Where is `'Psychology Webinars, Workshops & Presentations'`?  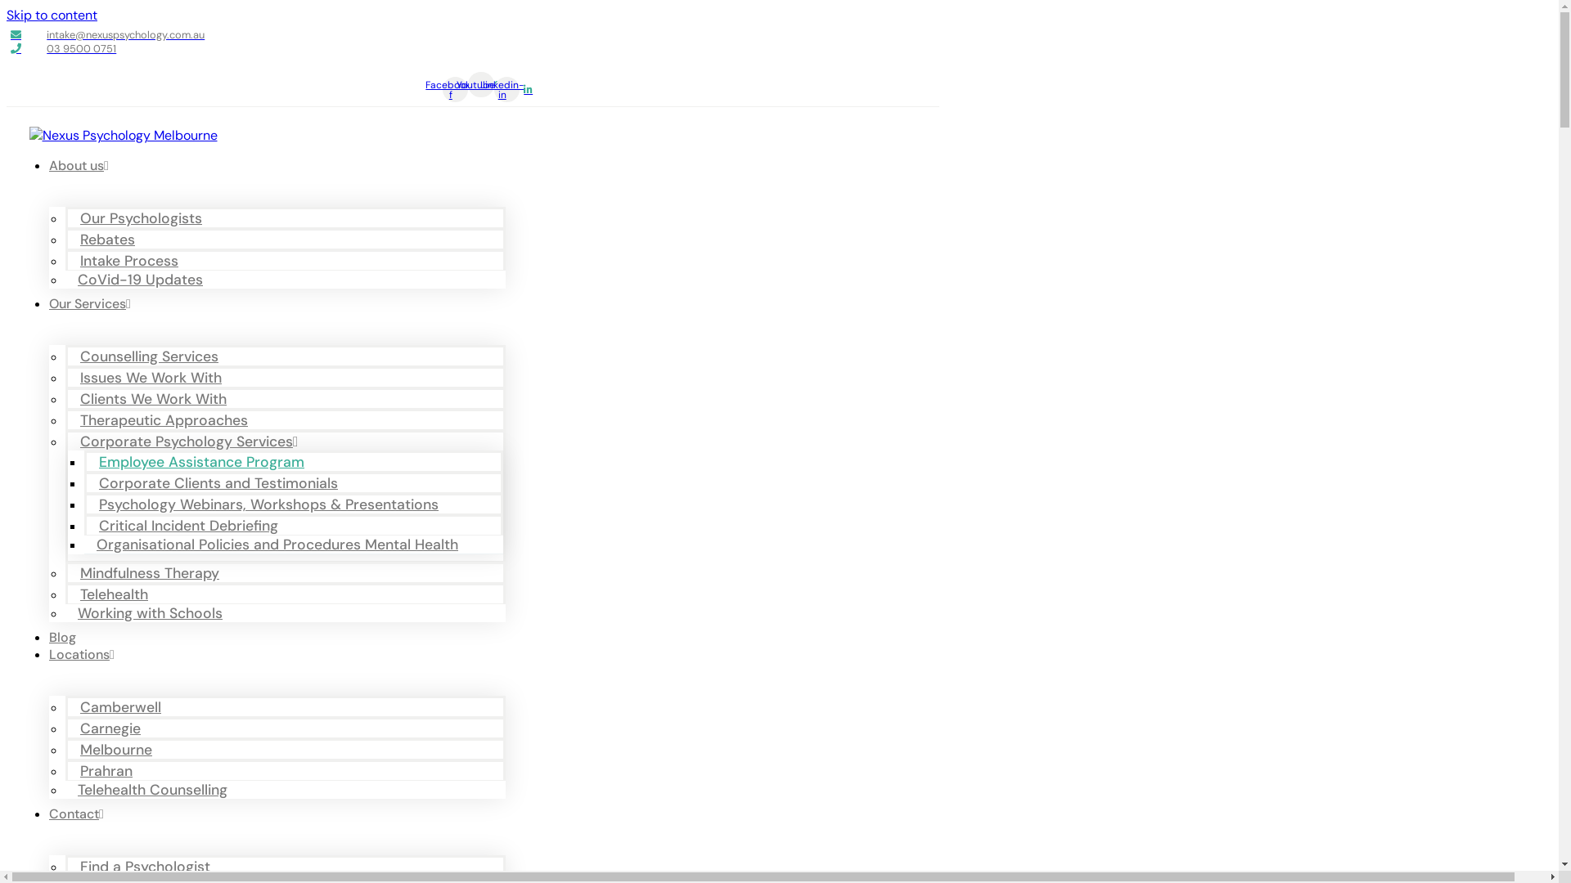
'Psychology Webinars, Workshops & Presentations' is located at coordinates (272, 504).